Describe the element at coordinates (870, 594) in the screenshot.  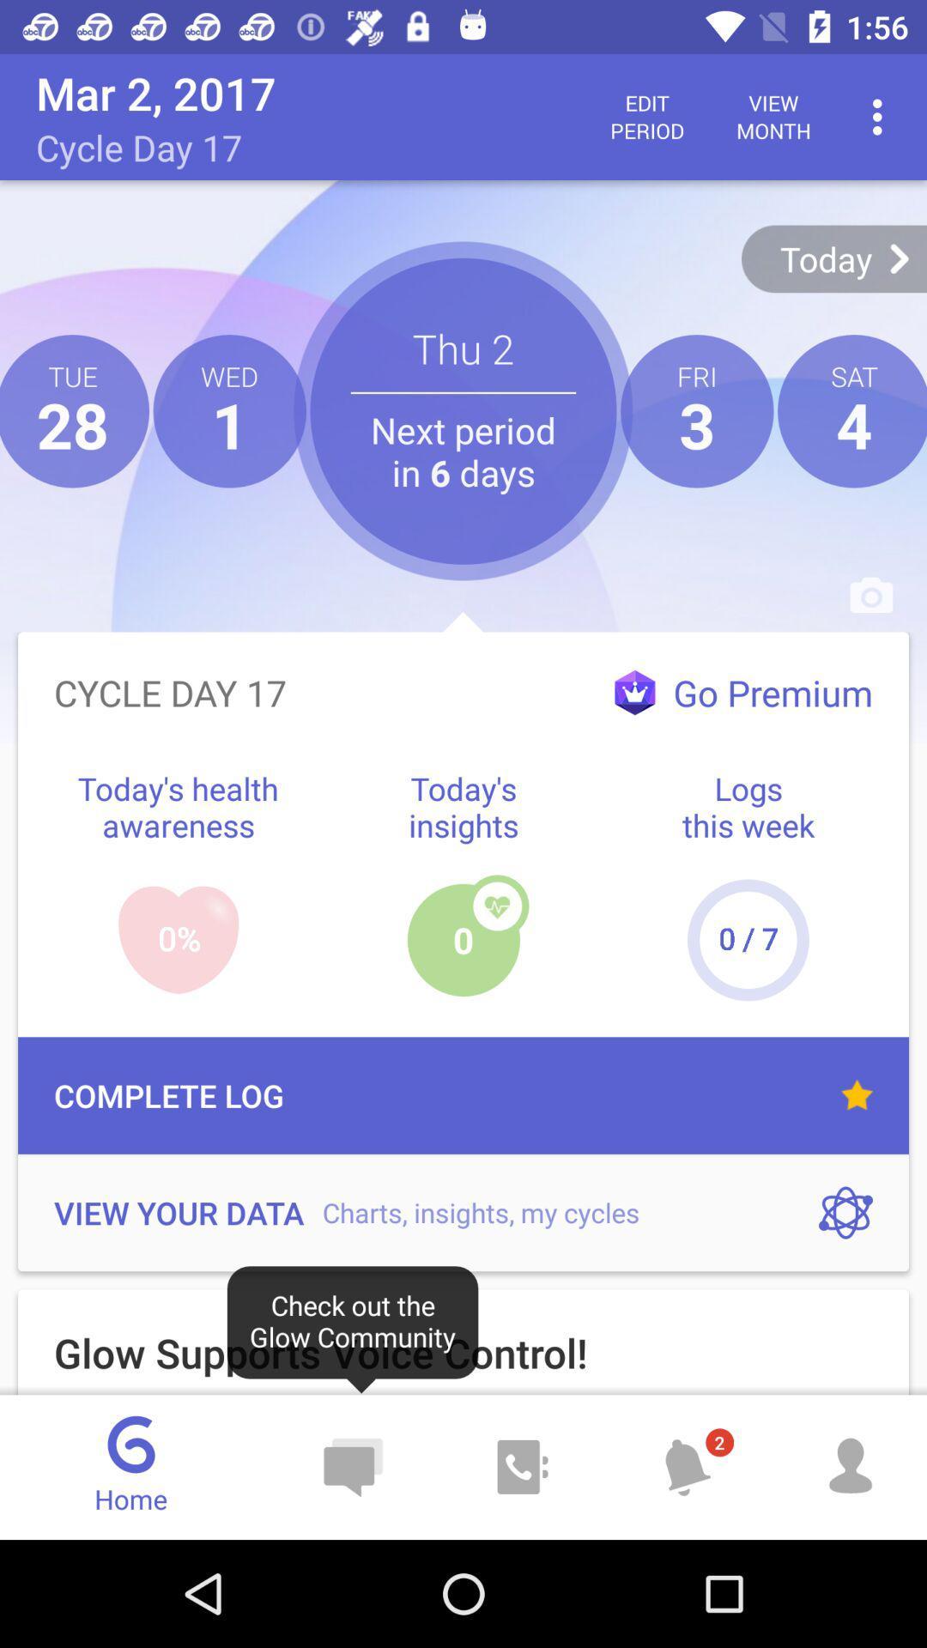
I see `the camera` at that location.